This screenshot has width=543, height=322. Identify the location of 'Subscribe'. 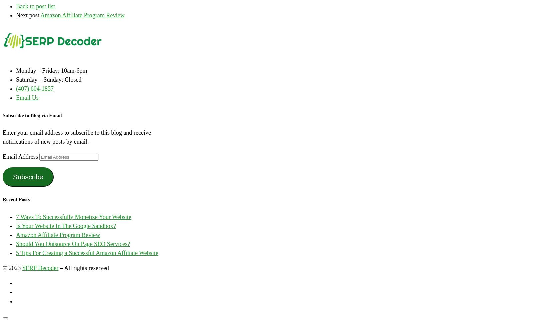
(28, 177).